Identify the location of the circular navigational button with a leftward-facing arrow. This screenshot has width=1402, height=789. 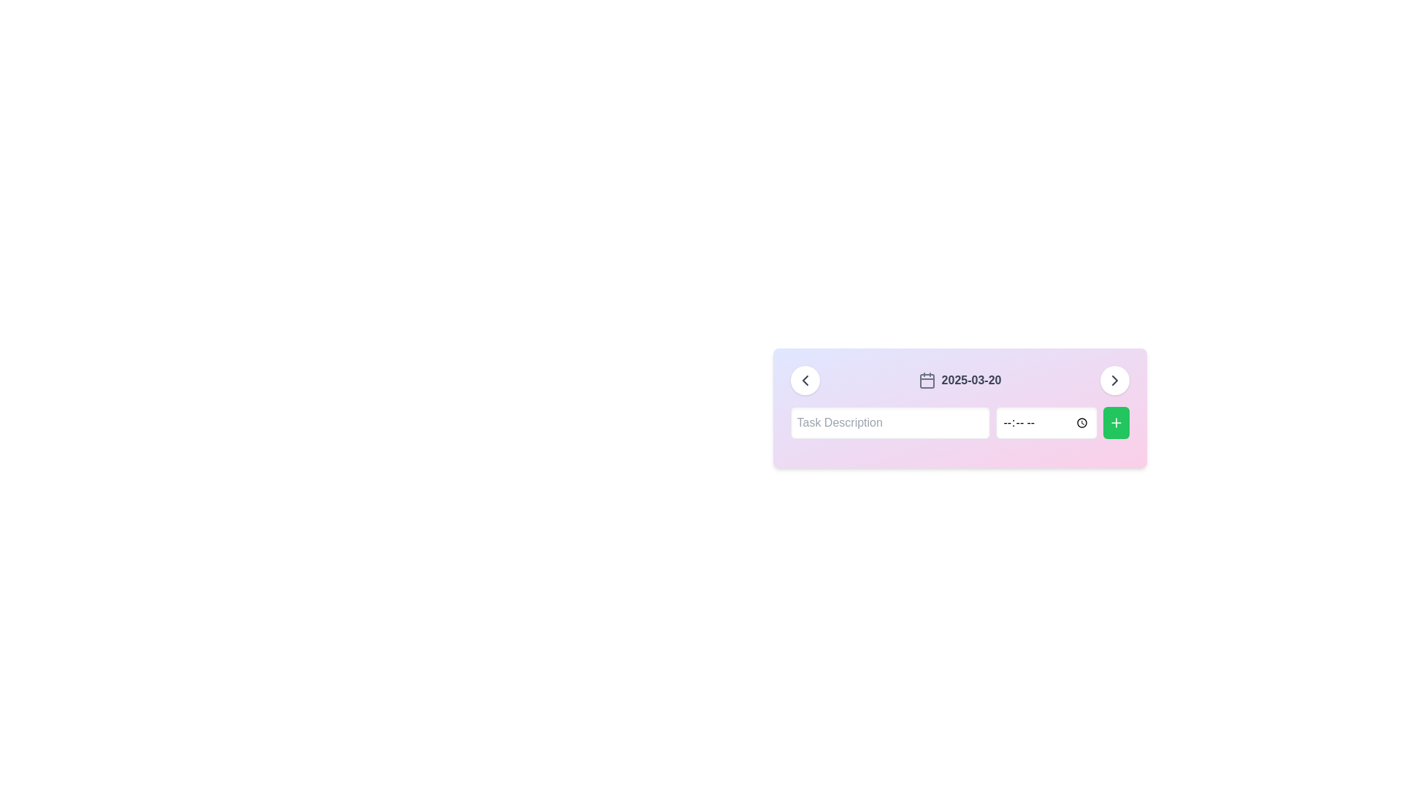
(804, 379).